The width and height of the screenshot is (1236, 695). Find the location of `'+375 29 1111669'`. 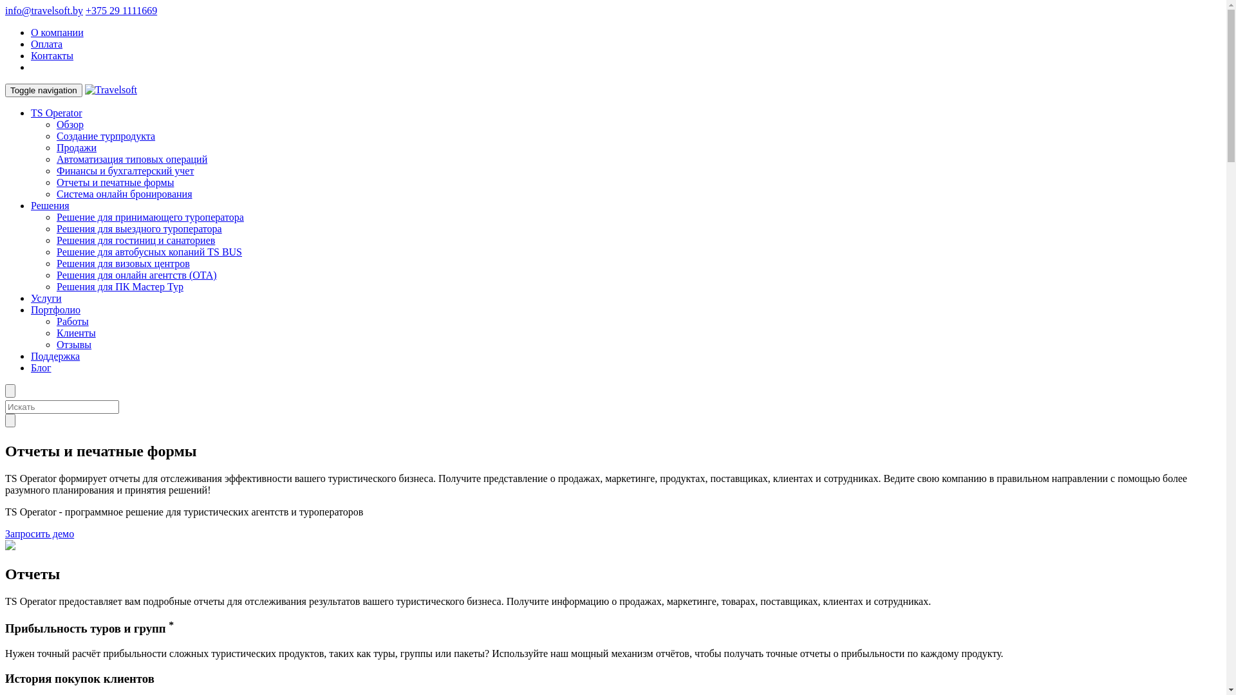

'+375 29 1111669' is located at coordinates (121, 10).